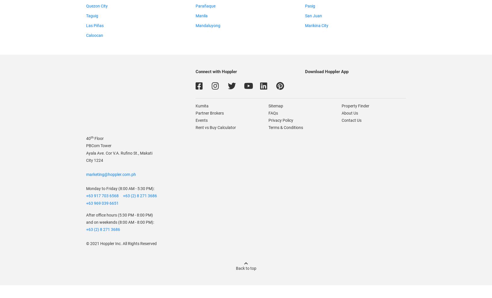 This screenshot has height=298, width=492. What do you see at coordinates (310, 6) in the screenshot?
I see `'Pasig'` at bounding box center [310, 6].